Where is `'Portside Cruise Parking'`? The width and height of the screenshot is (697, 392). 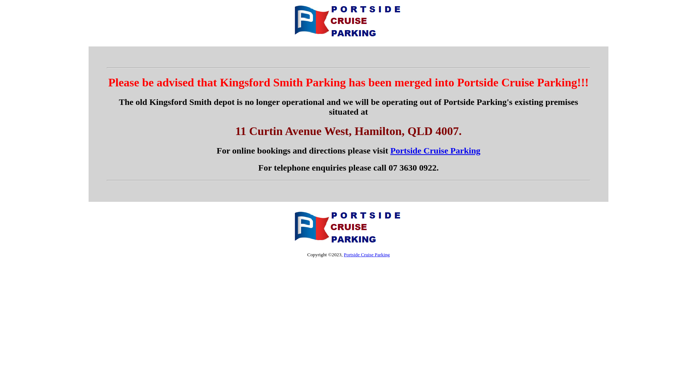
'Portside Cruise Parking' is located at coordinates (367, 254).